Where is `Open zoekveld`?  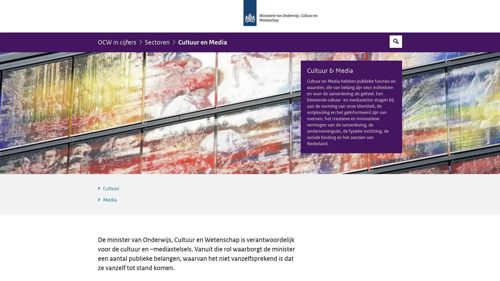
Open zoekveld is located at coordinates (396, 41).